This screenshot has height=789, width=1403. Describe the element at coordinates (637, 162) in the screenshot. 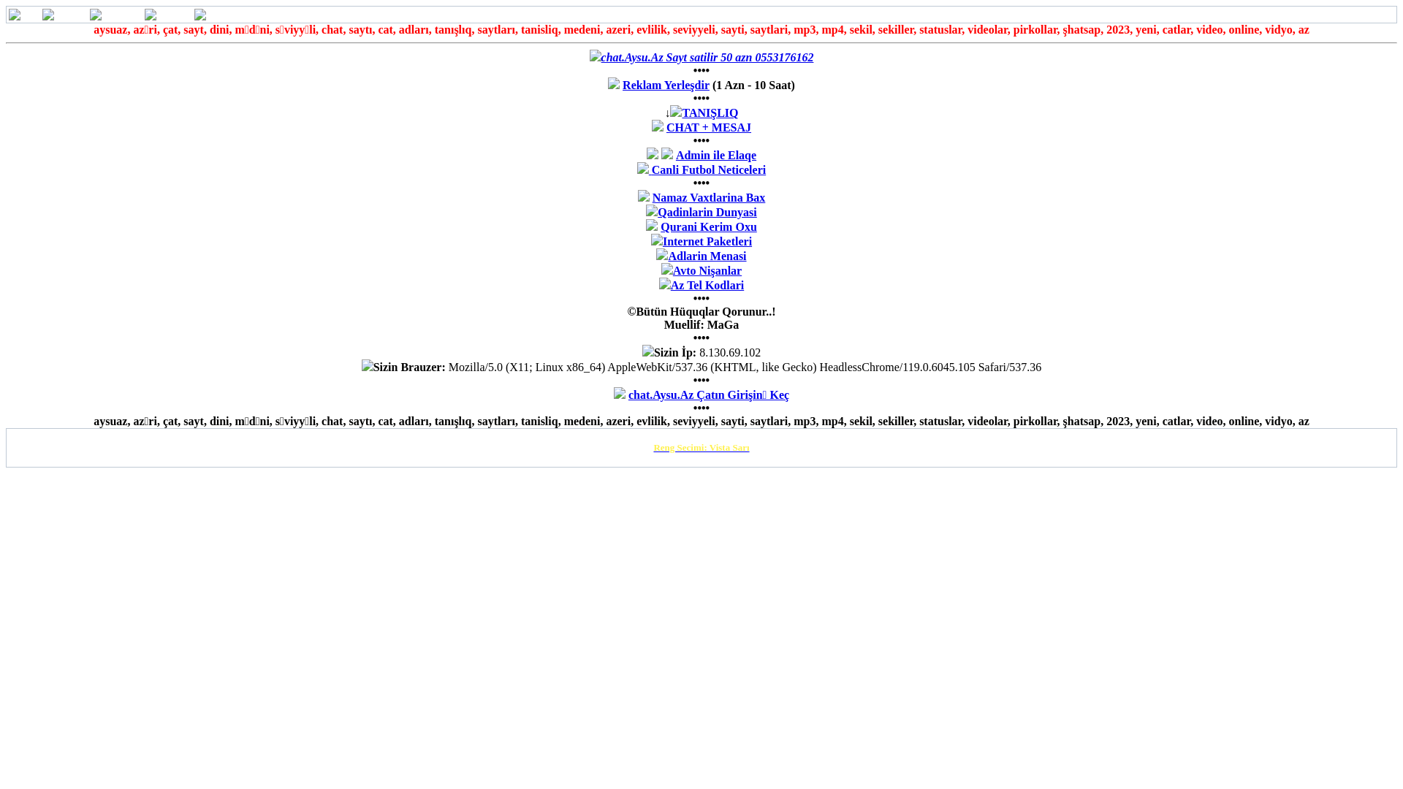

I see `'Admin ile Elaqe'` at that location.